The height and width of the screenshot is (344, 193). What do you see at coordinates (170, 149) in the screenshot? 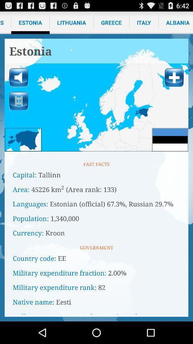
I see `the minus icon` at bounding box center [170, 149].